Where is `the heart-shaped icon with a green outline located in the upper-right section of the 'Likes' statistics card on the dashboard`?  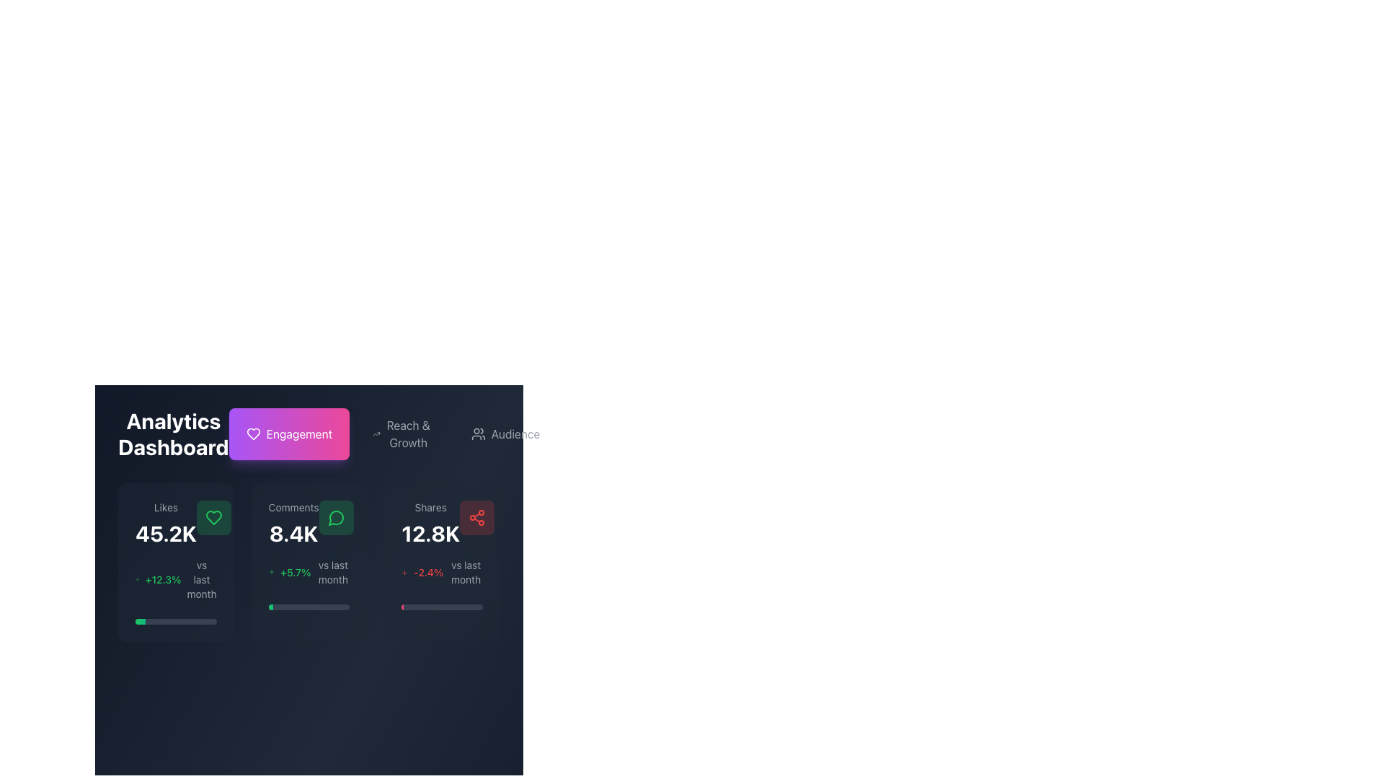 the heart-shaped icon with a green outline located in the upper-right section of the 'Likes' statistics card on the dashboard is located at coordinates (213, 516).